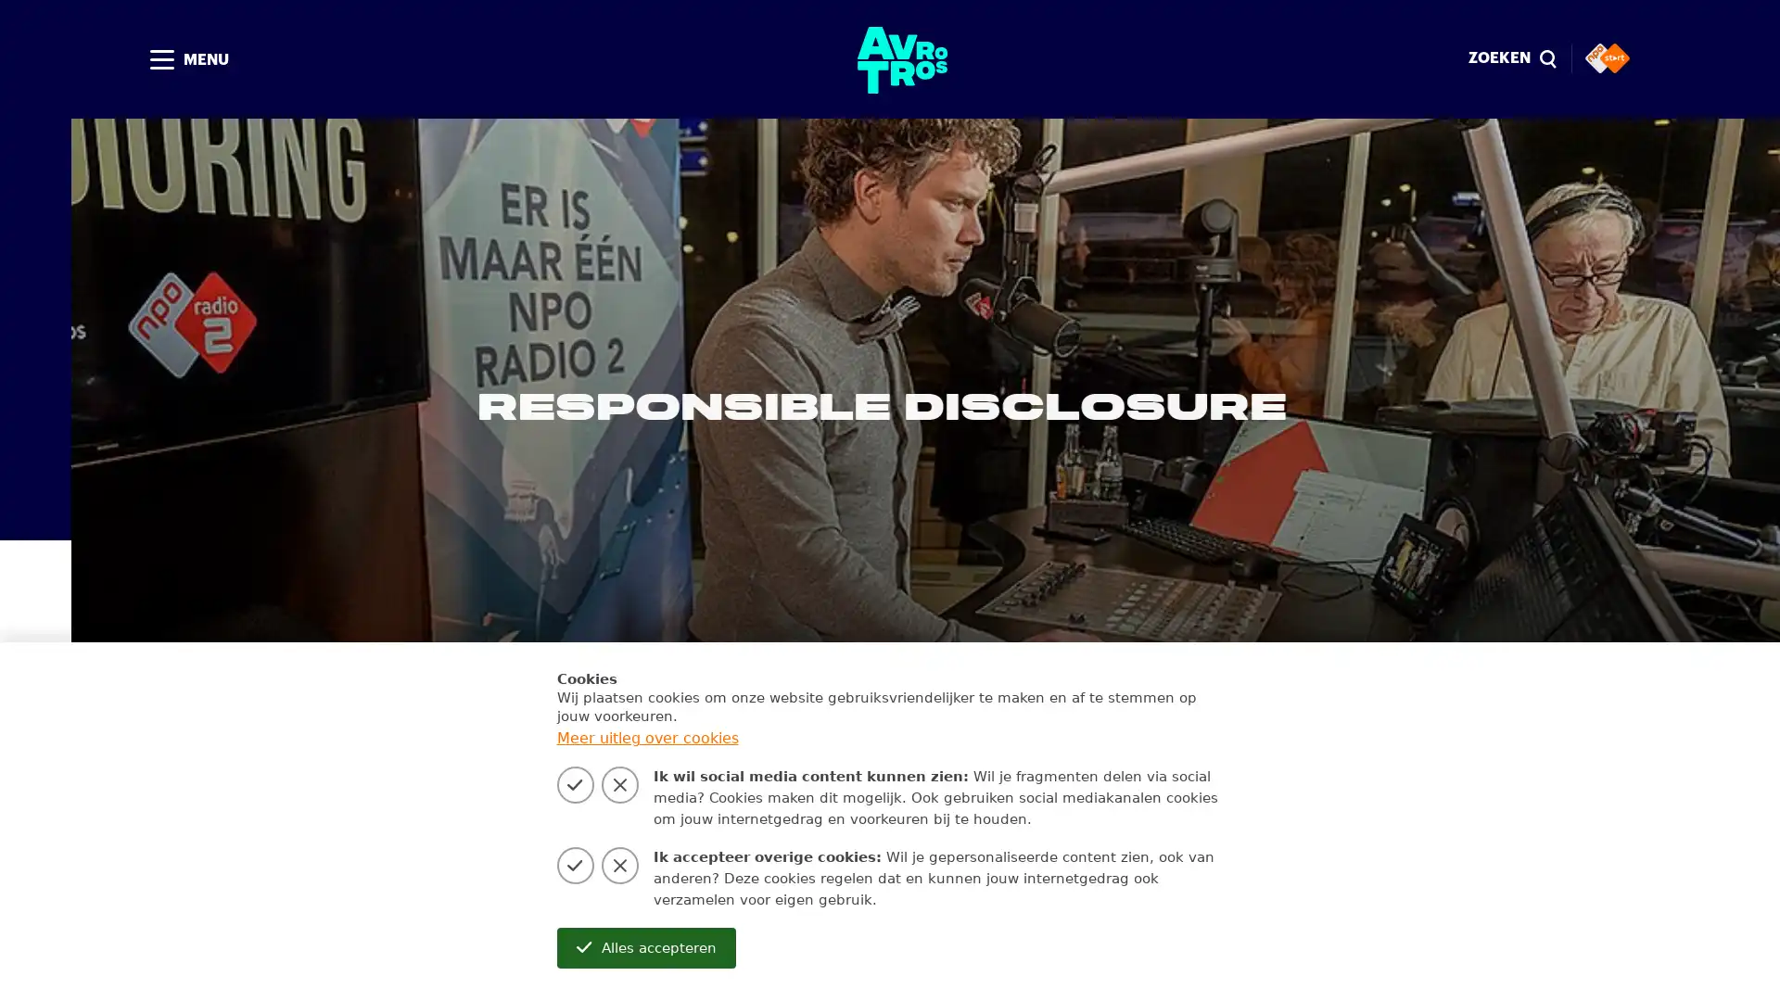 This screenshot has width=1780, height=1001. I want to click on Alles accepteren, so click(645, 947).